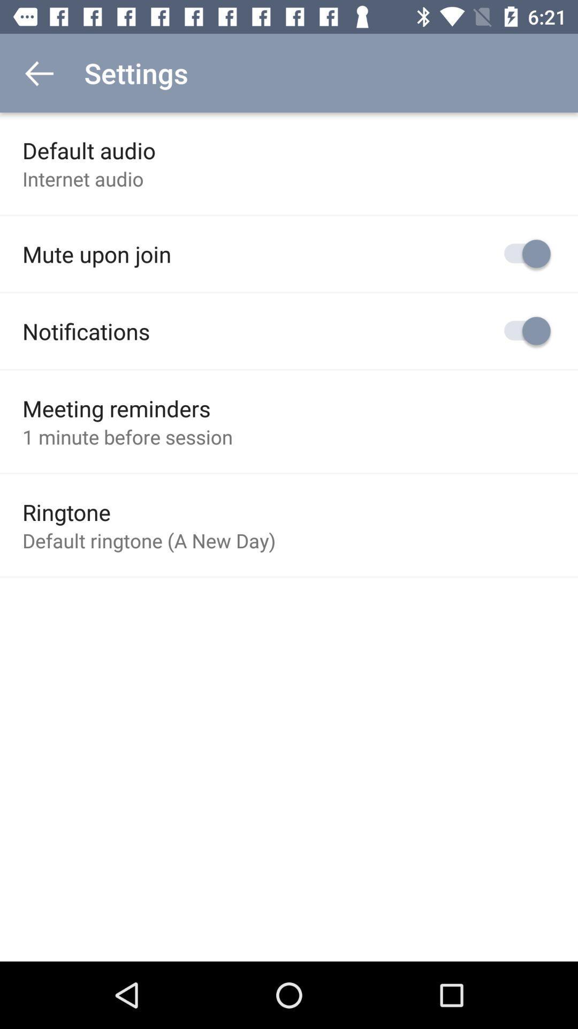 The width and height of the screenshot is (578, 1029). Describe the element at coordinates (39, 72) in the screenshot. I see `icon above default audio` at that location.